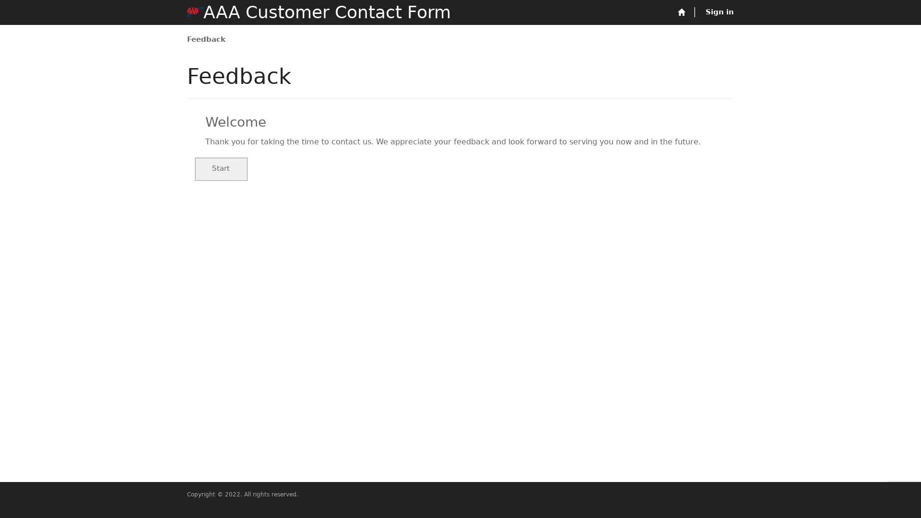 The image size is (921, 518). I want to click on Start, so click(220, 168).